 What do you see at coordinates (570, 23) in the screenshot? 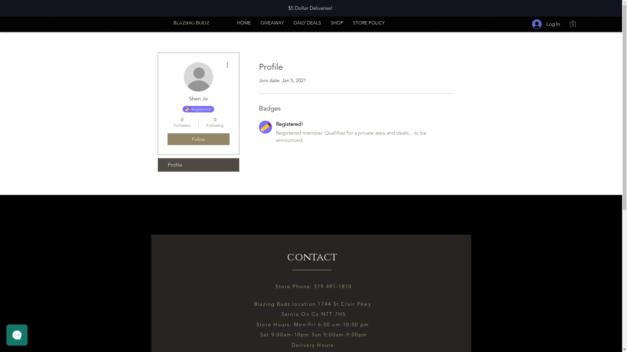
I see `'0'` at bounding box center [570, 23].